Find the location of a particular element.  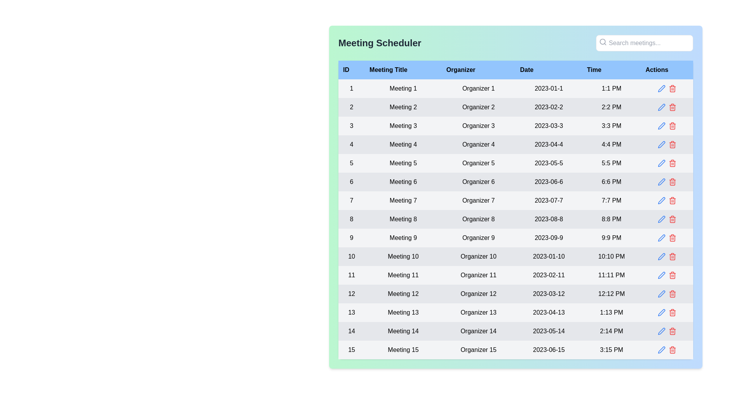

the 'Delete' button located in the 'Actions' column of the 'Meeting 7' row in the table is located at coordinates (671, 200).